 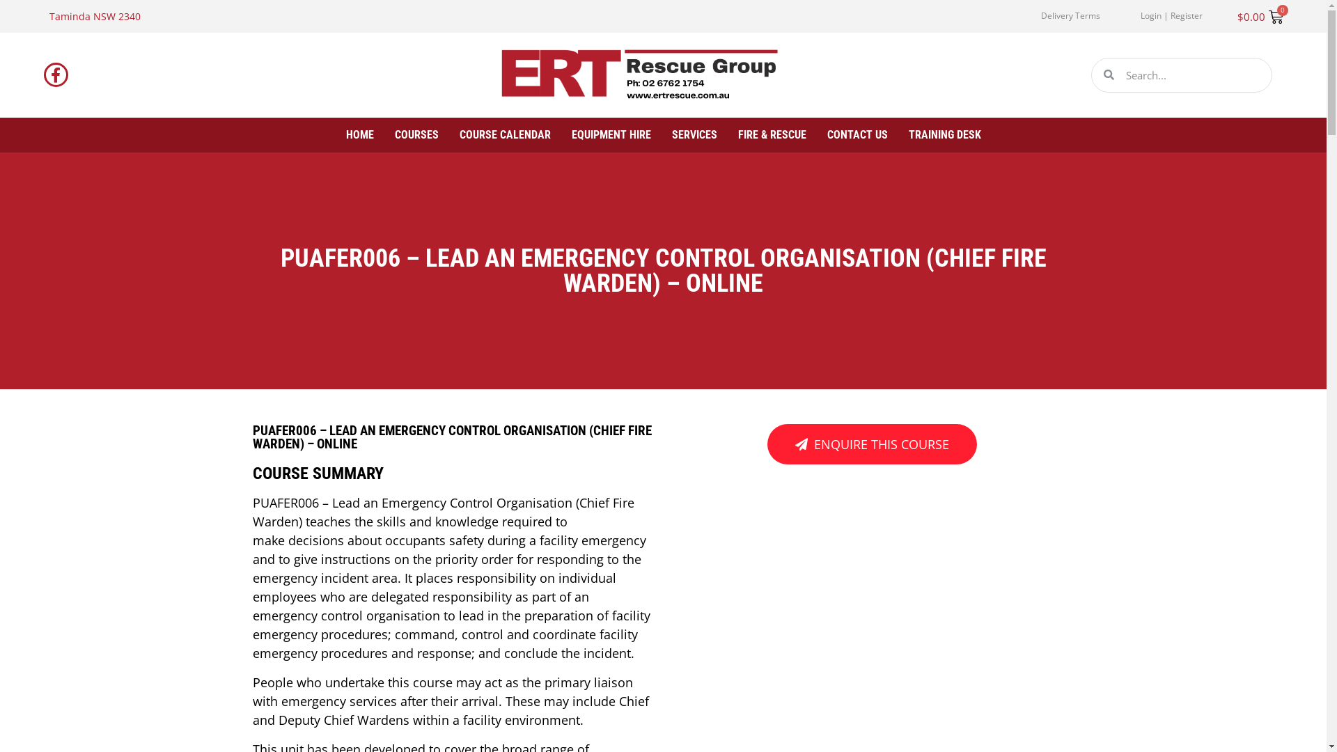 I want to click on 'COURSE CALENDAR', so click(x=460, y=134).